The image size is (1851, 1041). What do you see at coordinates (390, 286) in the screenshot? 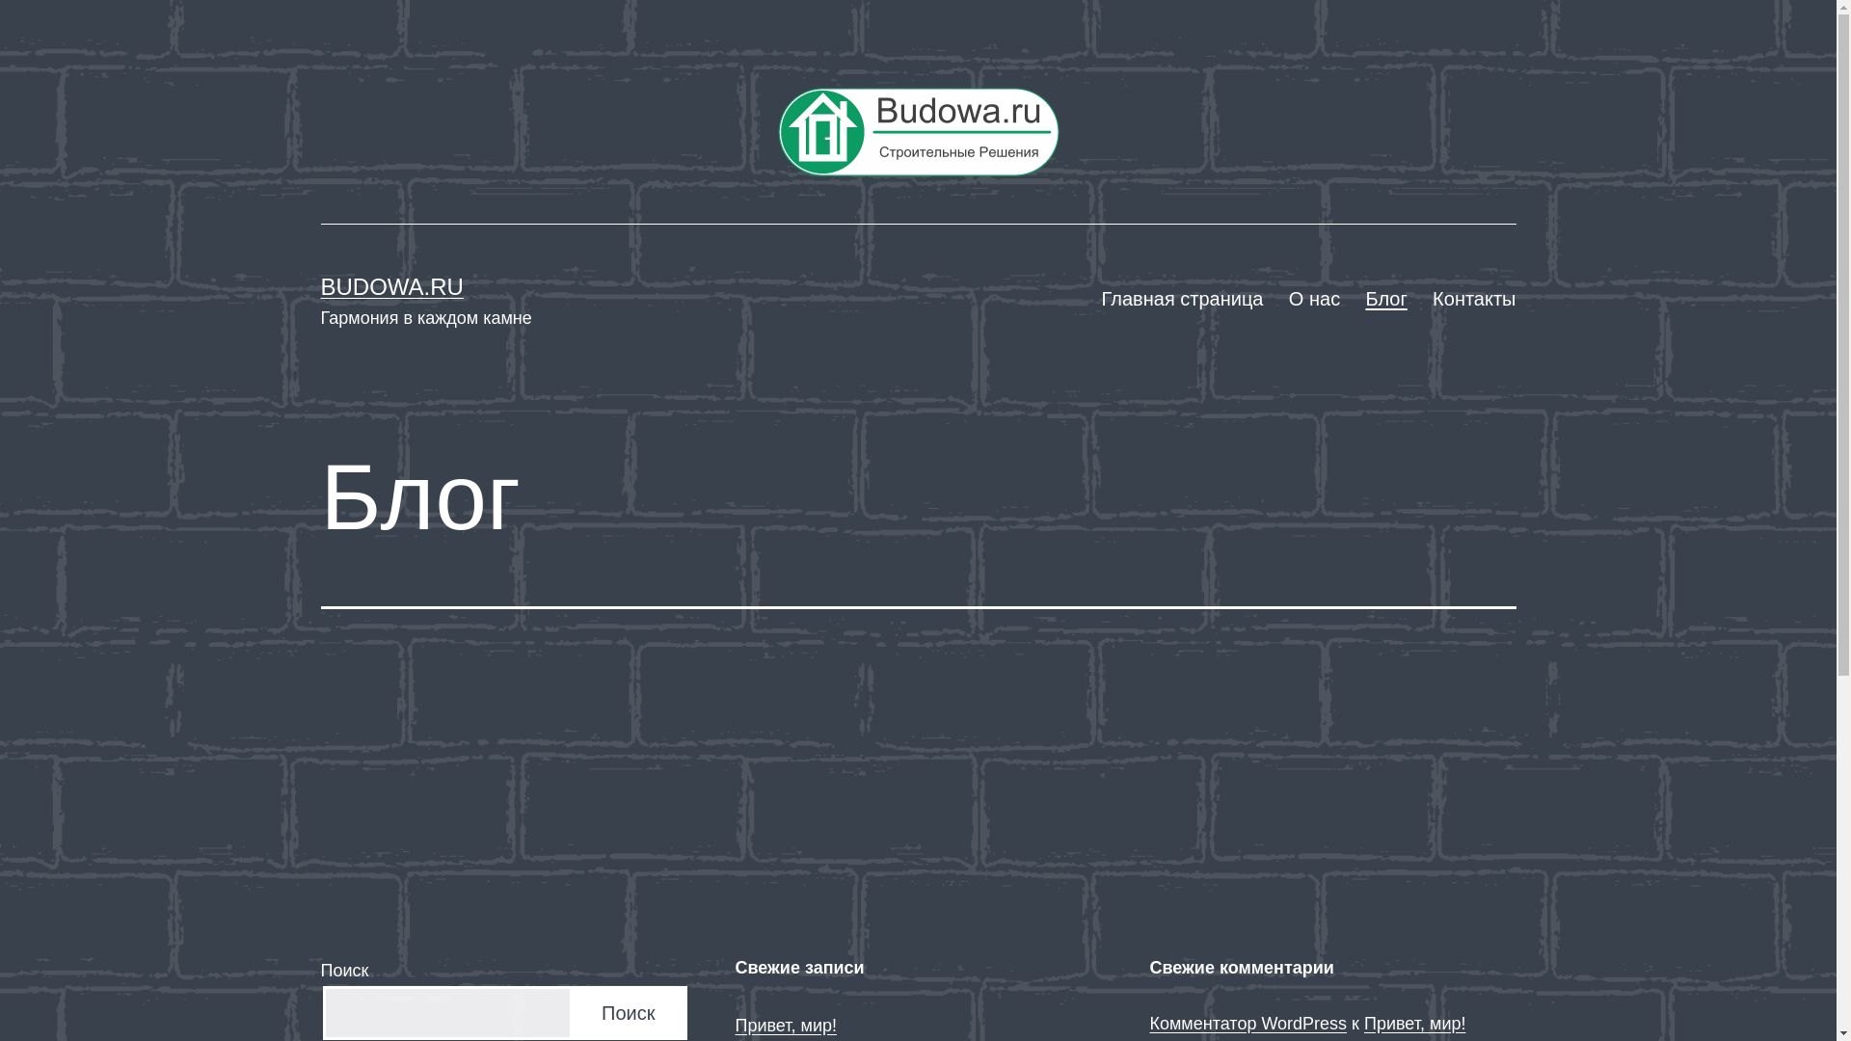
I see `'BUDOWA.RU'` at bounding box center [390, 286].